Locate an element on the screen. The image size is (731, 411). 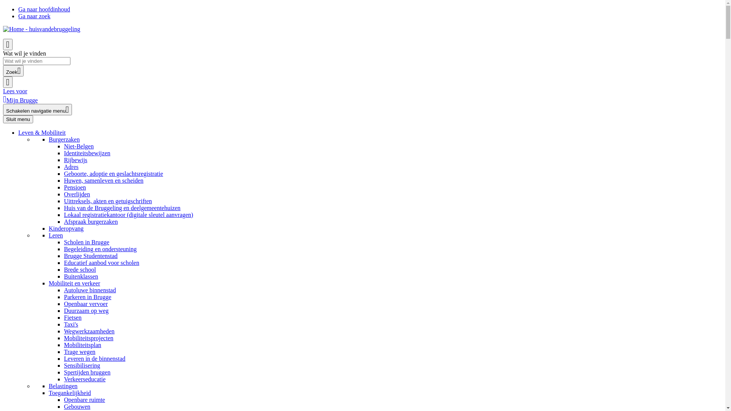
'Sensibilisering' is located at coordinates (82, 365).